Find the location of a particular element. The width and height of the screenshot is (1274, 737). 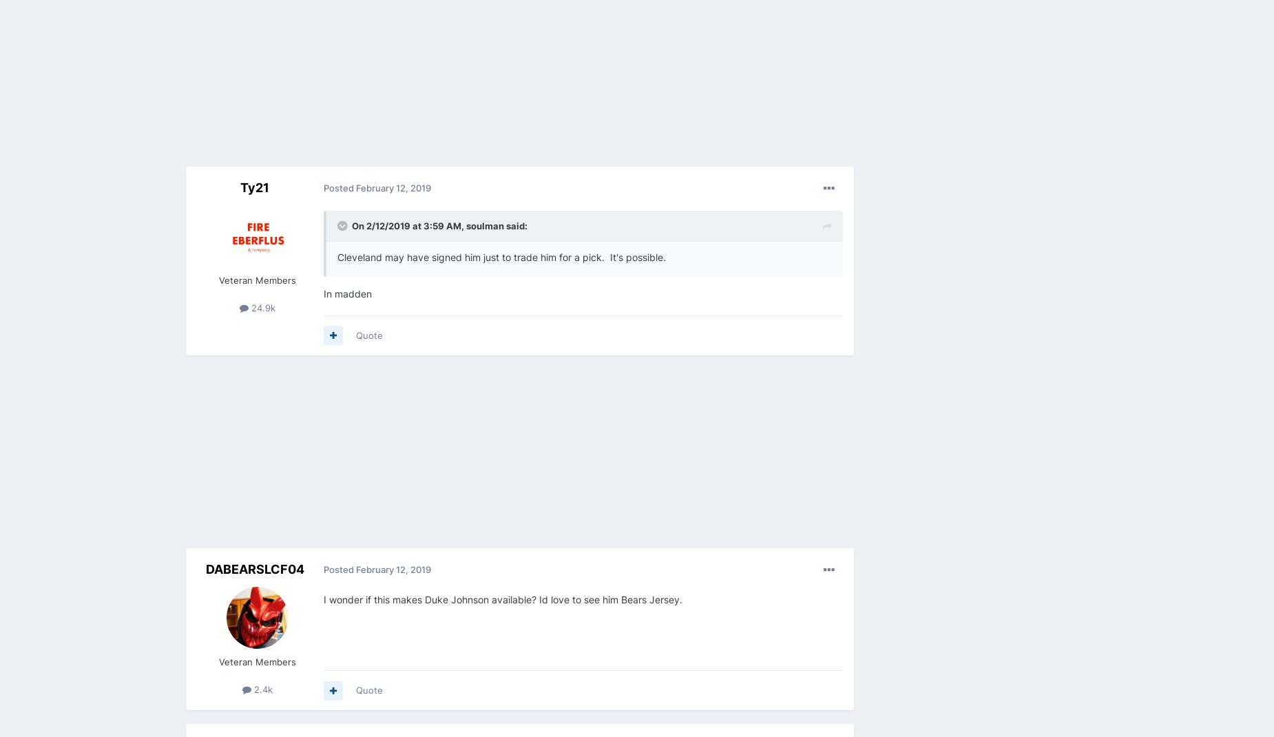

'Cleveland may have signed him just to trade him for a pick.  It's possible.' is located at coordinates (501, 256).